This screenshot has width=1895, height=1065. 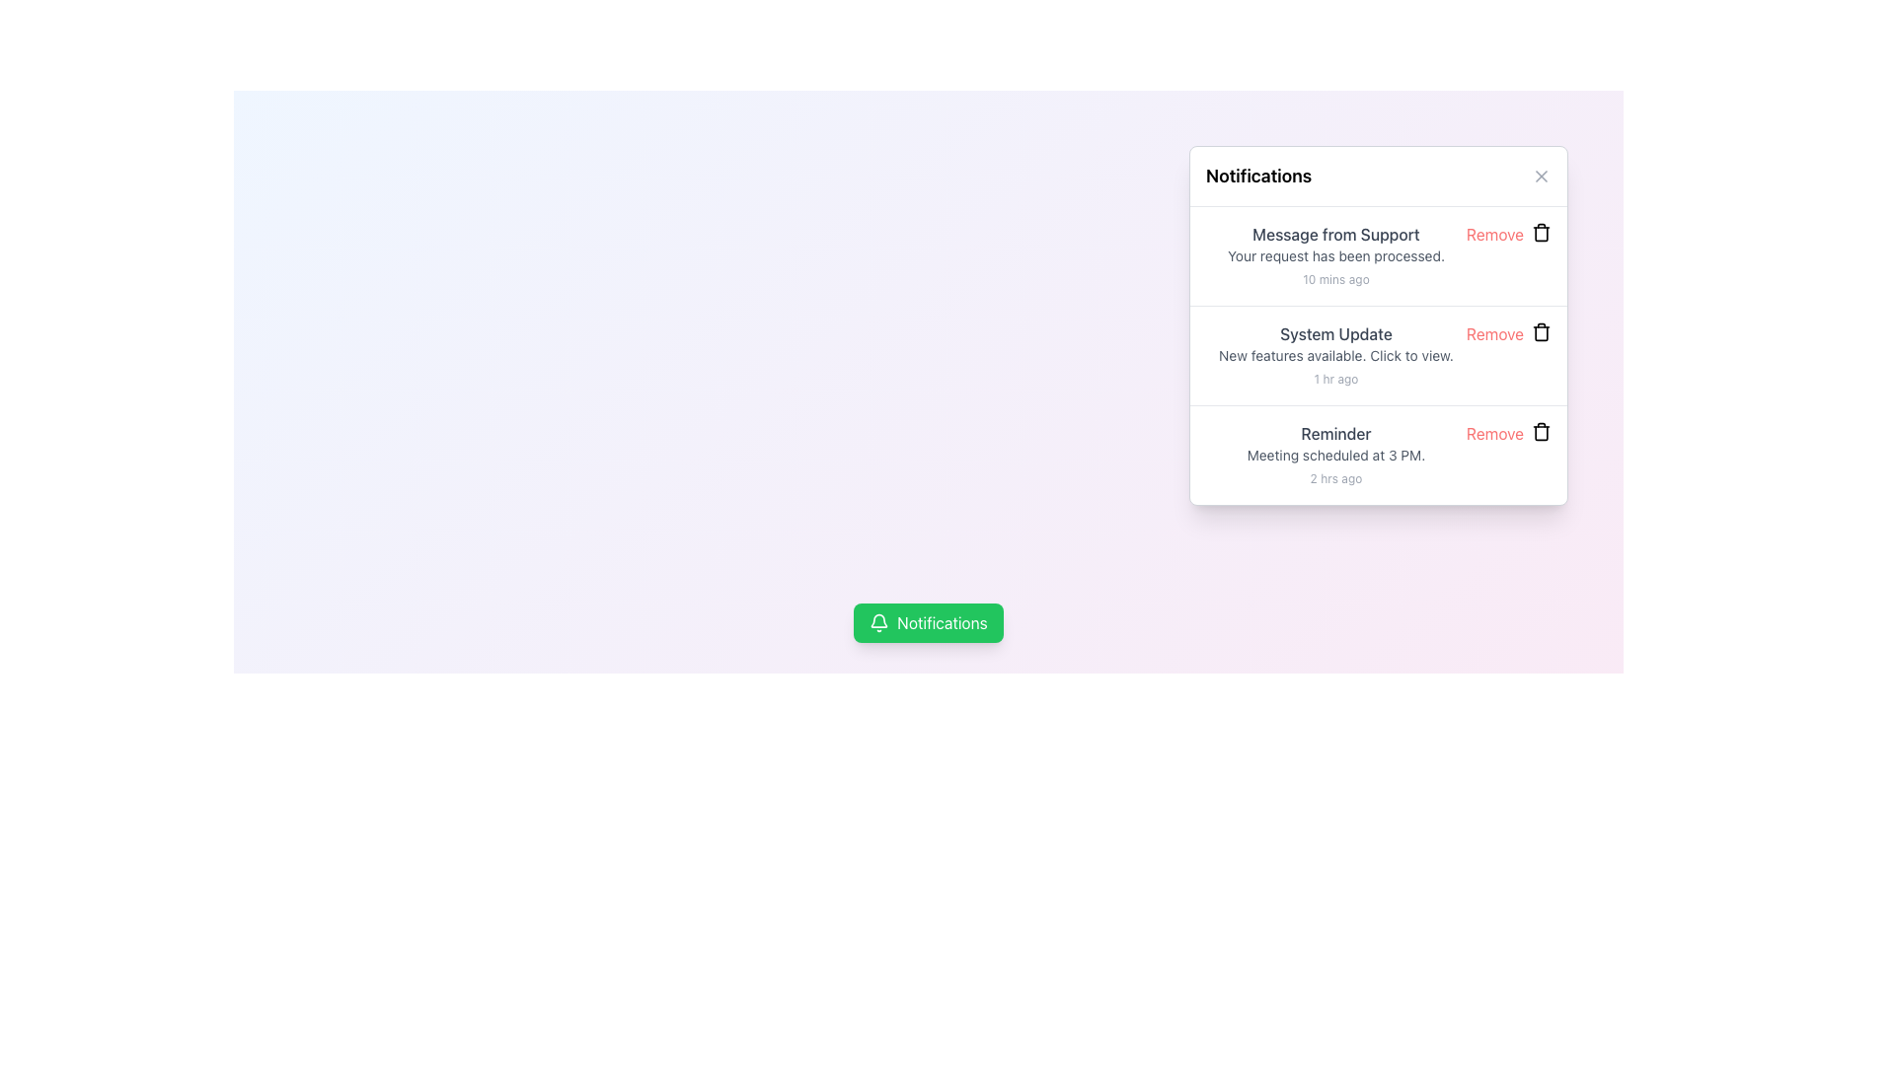 I want to click on the close icon of the notification widget, which is part of an 'X' icon located in the top-right corner, so click(x=1540, y=175).